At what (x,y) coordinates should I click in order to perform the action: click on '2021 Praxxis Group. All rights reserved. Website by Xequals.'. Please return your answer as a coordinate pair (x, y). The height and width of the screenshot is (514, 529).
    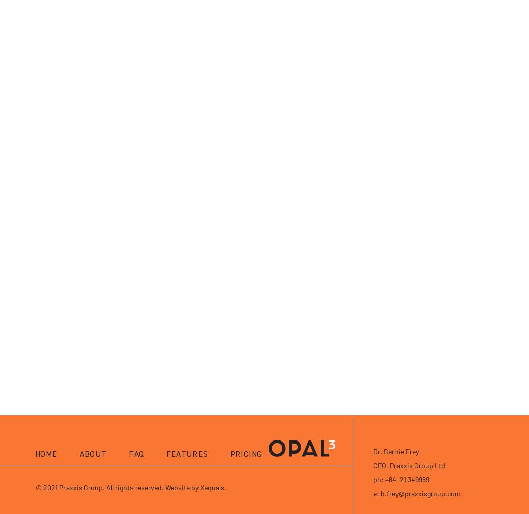
    Looking at the image, I should click on (134, 487).